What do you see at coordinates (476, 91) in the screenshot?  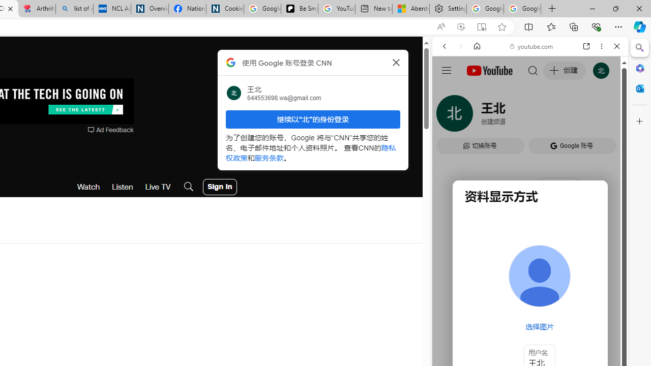 I see `'This site scope'` at bounding box center [476, 91].